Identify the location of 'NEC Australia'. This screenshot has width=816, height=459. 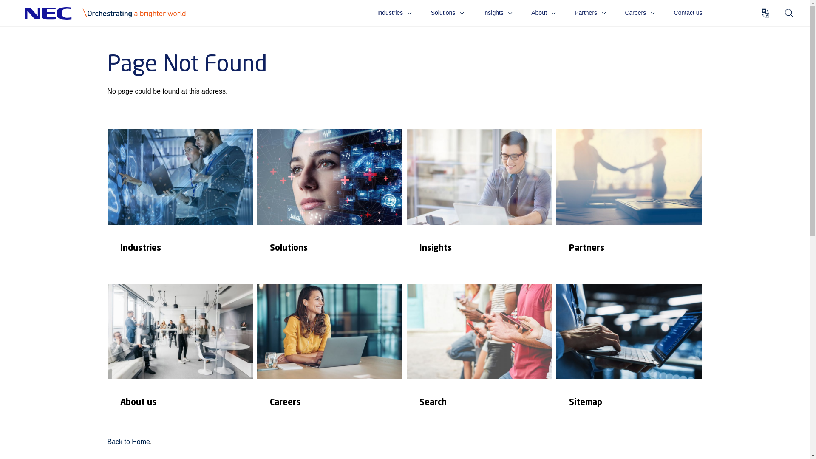
(110, 13).